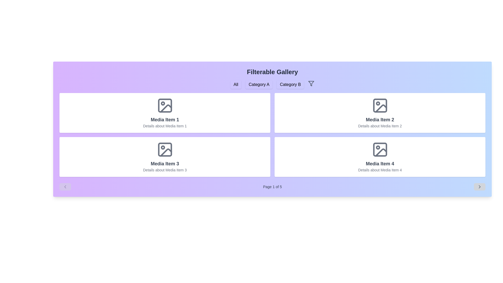 The height and width of the screenshot is (283, 503). Describe the element at coordinates (479, 187) in the screenshot. I see `the chevron arrow icon in the bottom-right corner of the interface` at that location.